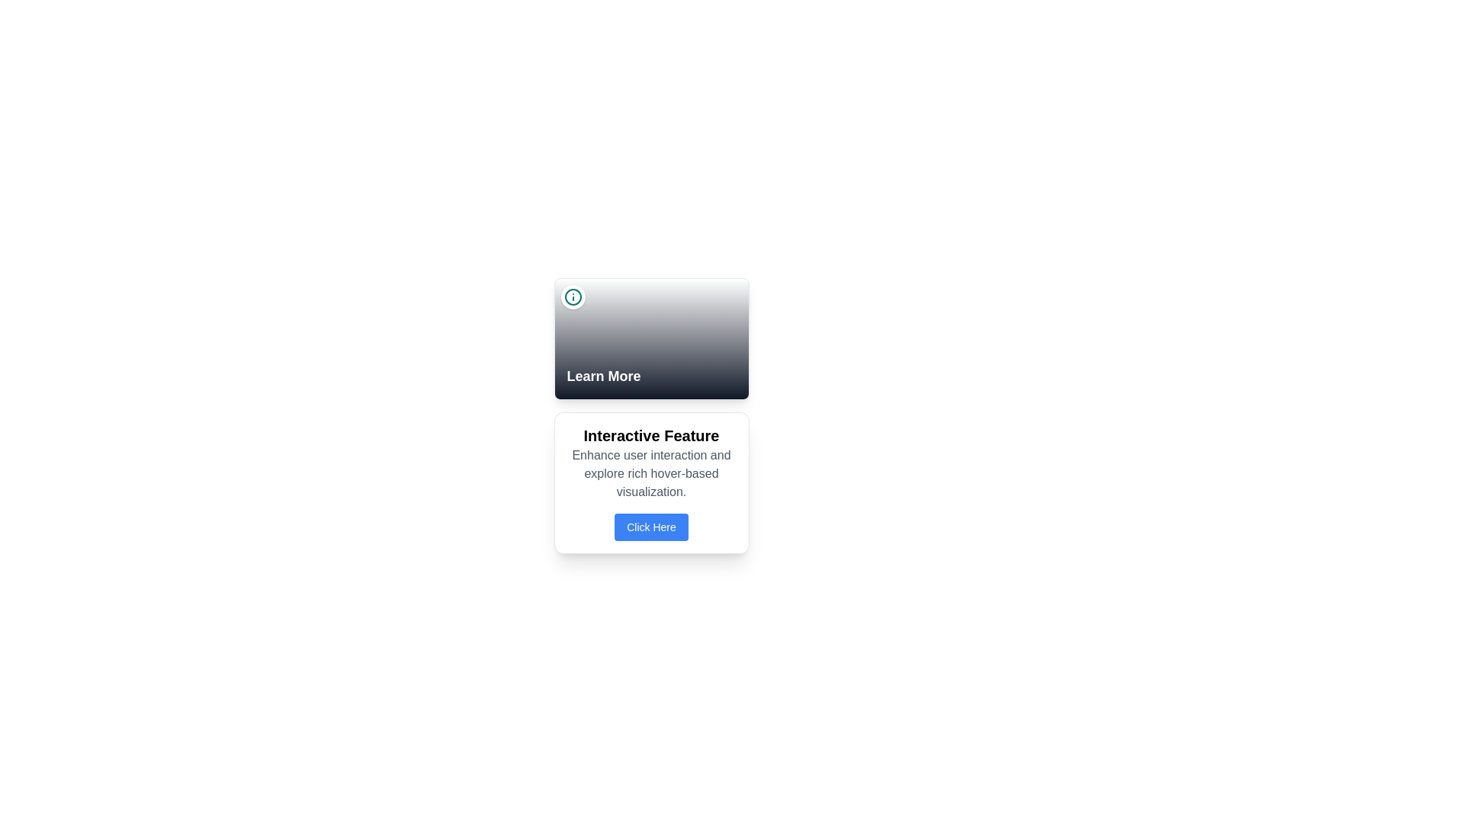 The image size is (1464, 823). What do you see at coordinates (572, 296) in the screenshot?
I see `the informational icon located within a circular background` at bounding box center [572, 296].